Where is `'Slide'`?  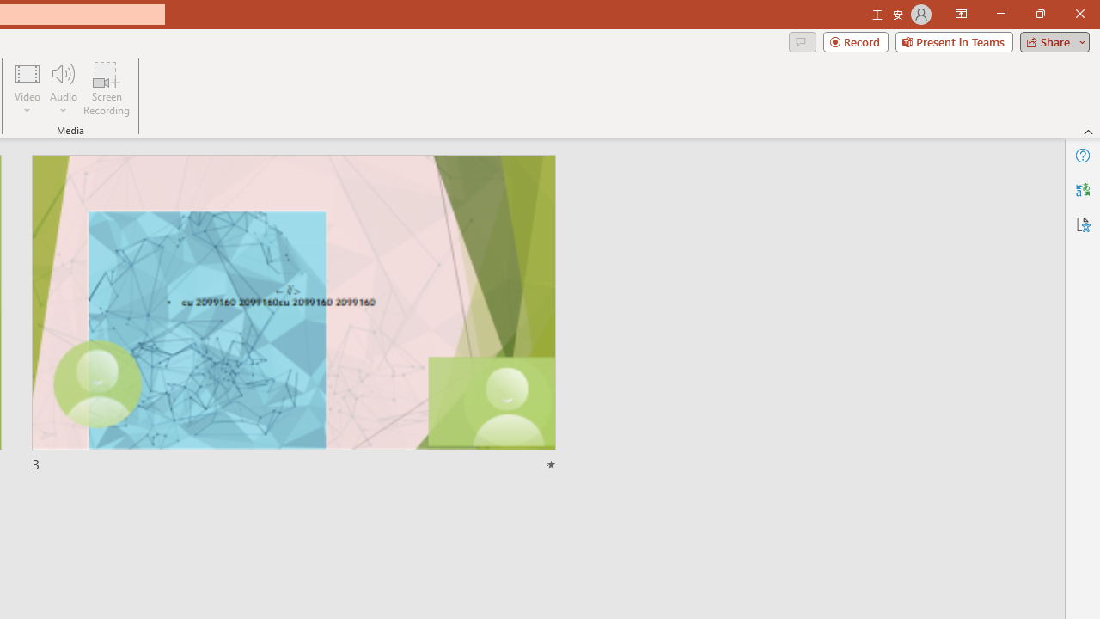 'Slide' is located at coordinates (293, 314).